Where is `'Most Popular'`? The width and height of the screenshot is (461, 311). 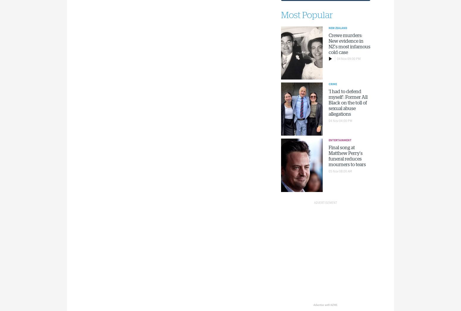 'Most Popular' is located at coordinates (280, 15).